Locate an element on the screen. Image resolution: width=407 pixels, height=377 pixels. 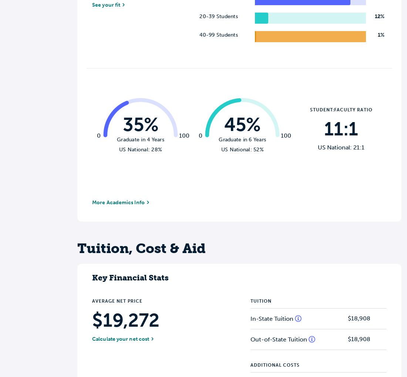
'Additional Costs' is located at coordinates (250, 364).